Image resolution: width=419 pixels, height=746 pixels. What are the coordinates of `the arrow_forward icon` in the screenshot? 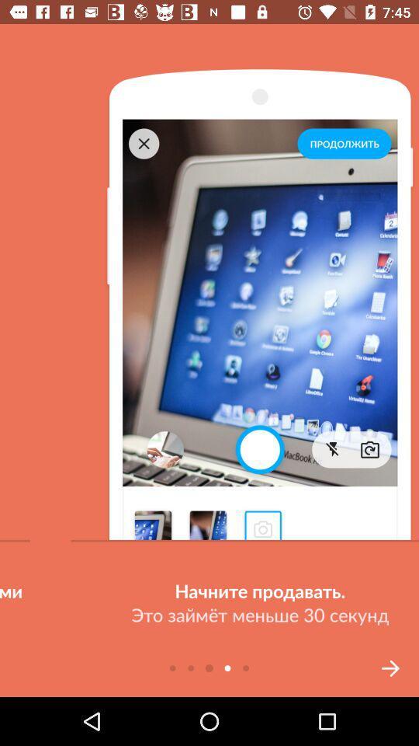 It's located at (390, 668).